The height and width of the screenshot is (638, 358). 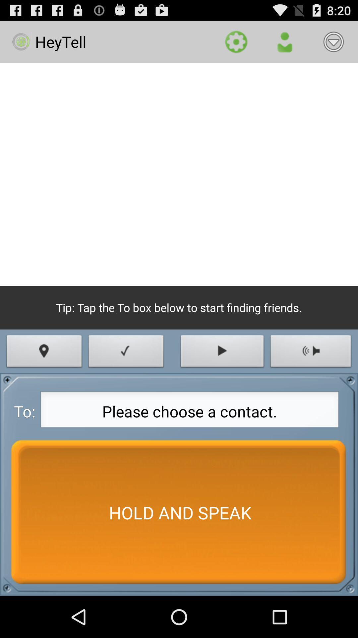 What do you see at coordinates (126, 353) in the screenshot?
I see `the item below the tip tap the app` at bounding box center [126, 353].